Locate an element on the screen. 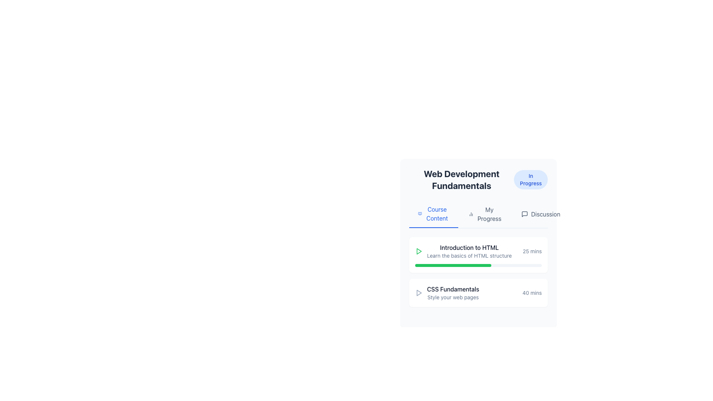 The width and height of the screenshot is (713, 401). the 'Course Content' text label in the navigation bar is located at coordinates (437, 213).